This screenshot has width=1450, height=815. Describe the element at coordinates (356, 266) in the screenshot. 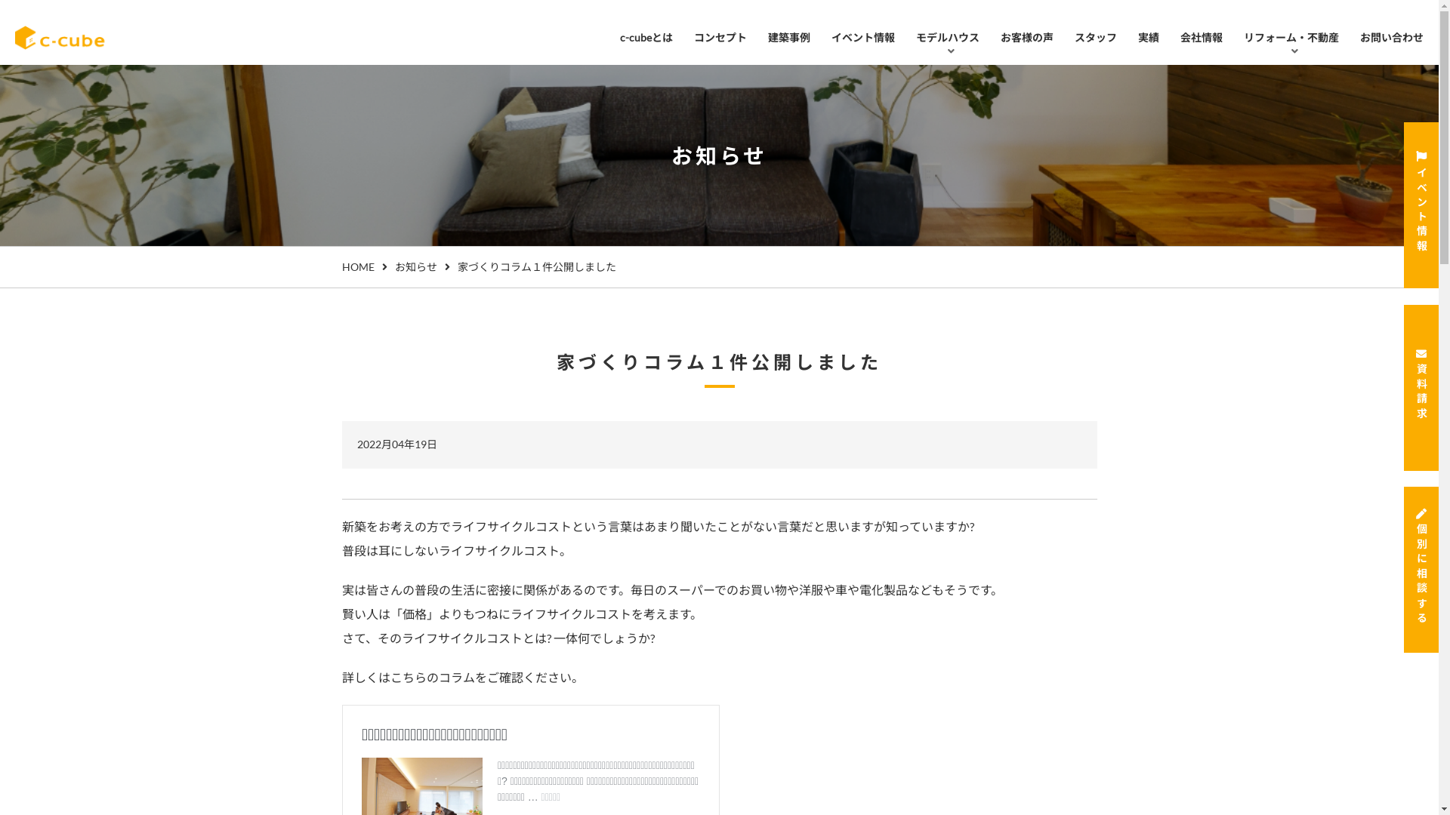

I see `'HOME'` at that location.